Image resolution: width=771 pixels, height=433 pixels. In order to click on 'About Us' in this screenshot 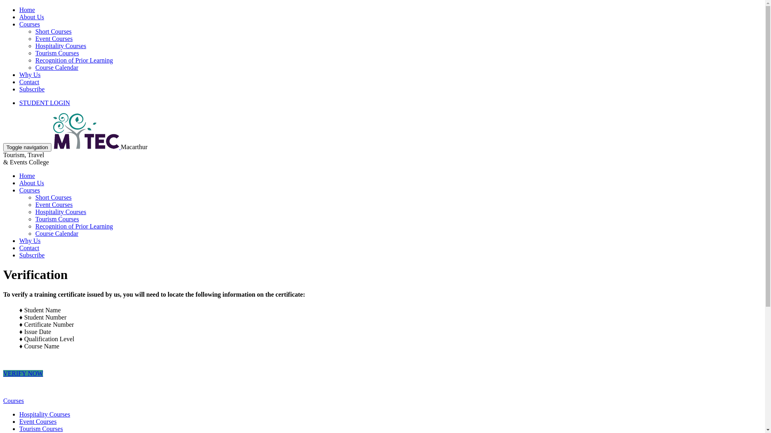, I will do `click(31, 183)`.